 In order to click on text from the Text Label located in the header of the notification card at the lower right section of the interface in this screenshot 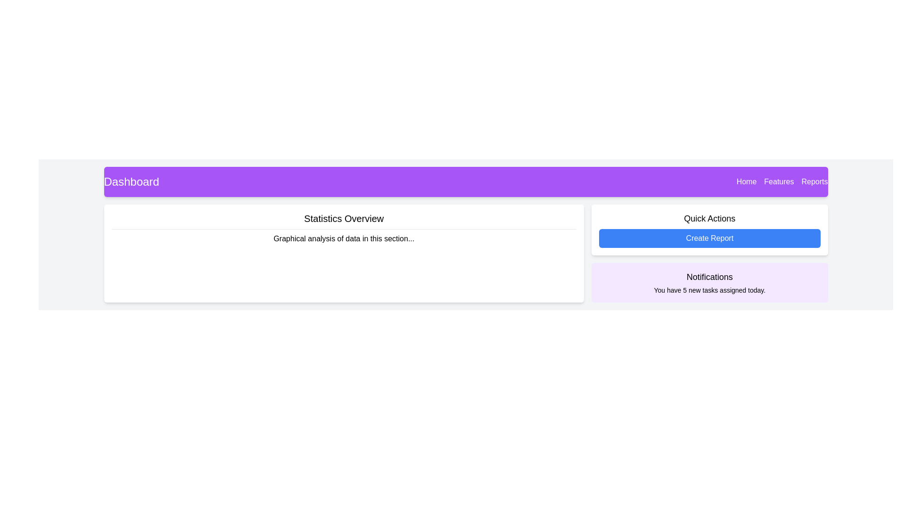, I will do `click(709, 276)`.